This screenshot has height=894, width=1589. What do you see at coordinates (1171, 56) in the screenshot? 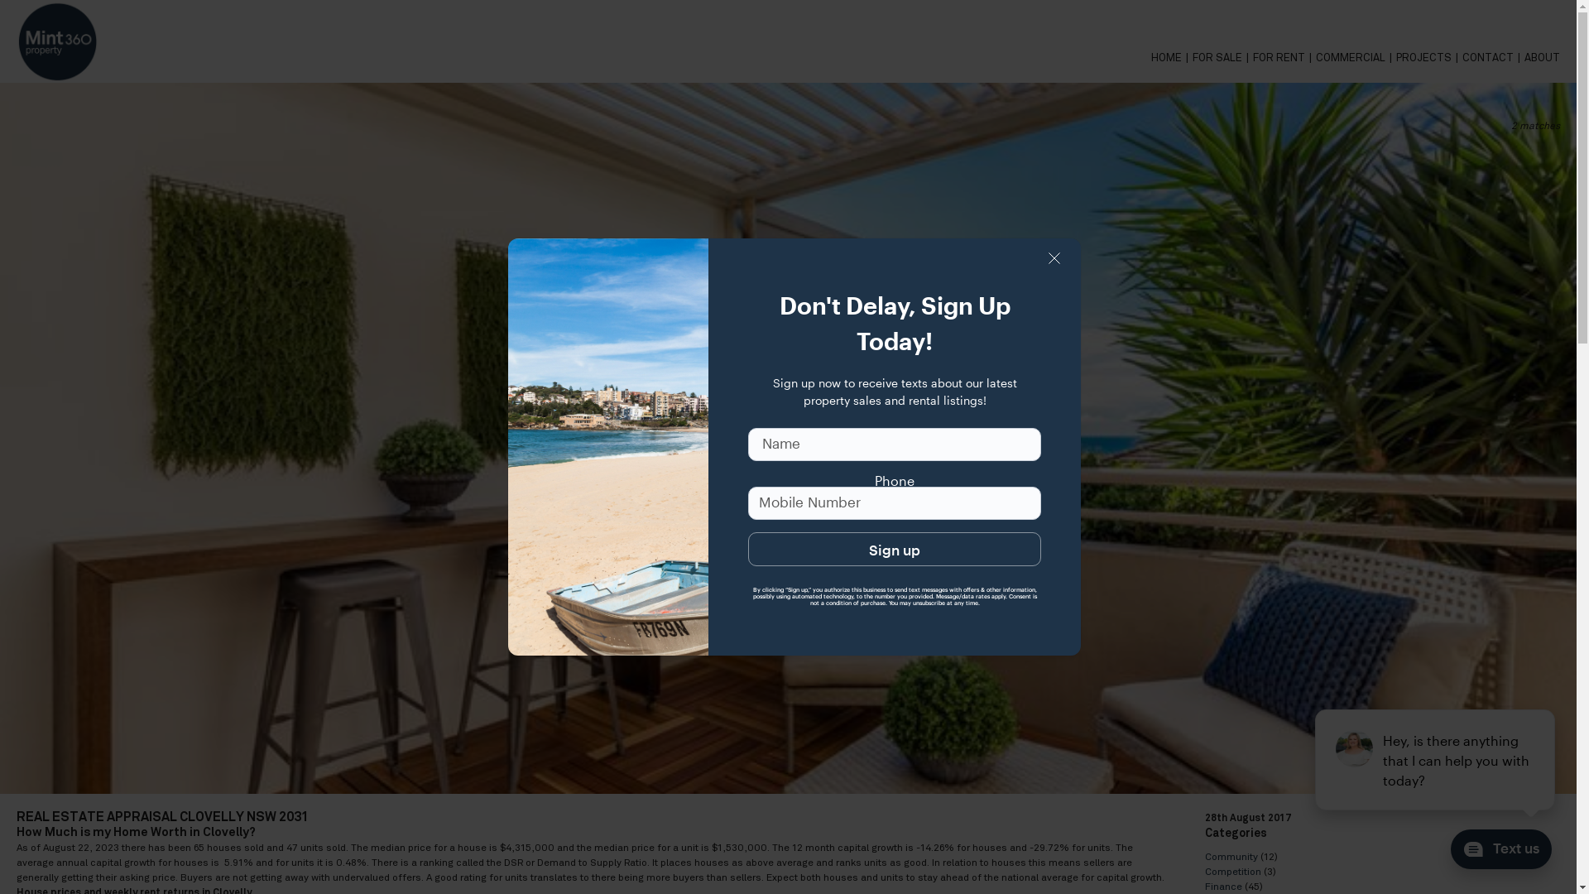
I see `'HOME'` at bounding box center [1171, 56].